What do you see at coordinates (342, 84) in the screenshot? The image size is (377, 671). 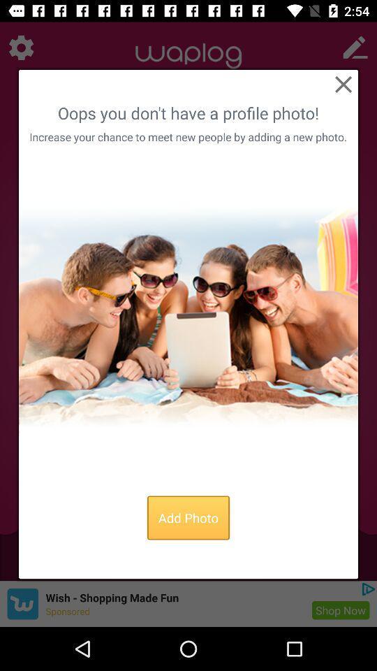 I see `the icon at the top right corner` at bounding box center [342, 84].